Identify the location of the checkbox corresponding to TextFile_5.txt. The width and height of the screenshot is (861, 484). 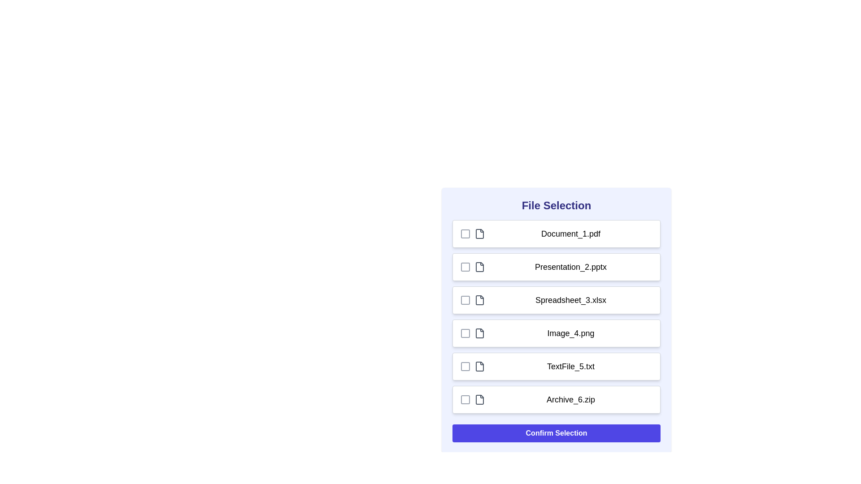
(465, 366).